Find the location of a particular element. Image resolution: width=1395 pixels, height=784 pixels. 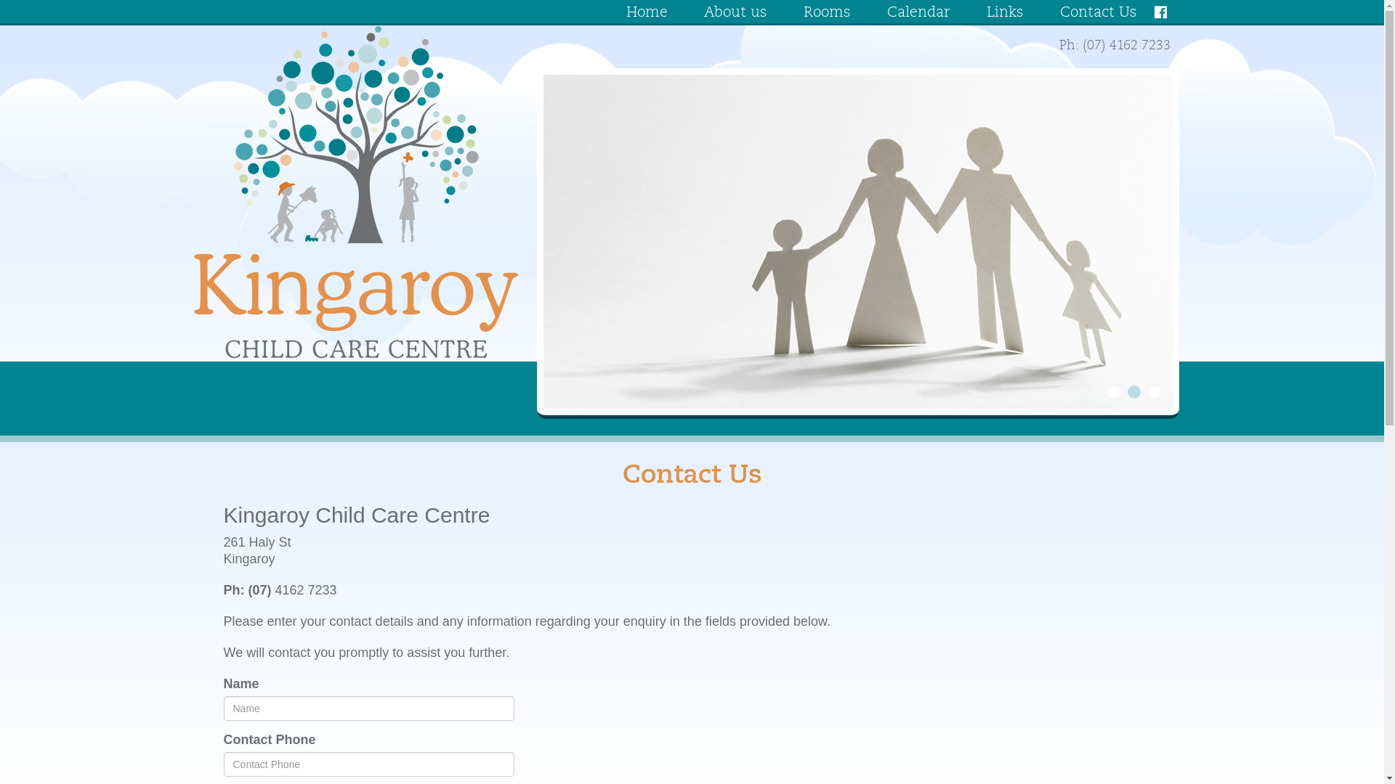

'Calendar' is located at coordinates (885, 12).